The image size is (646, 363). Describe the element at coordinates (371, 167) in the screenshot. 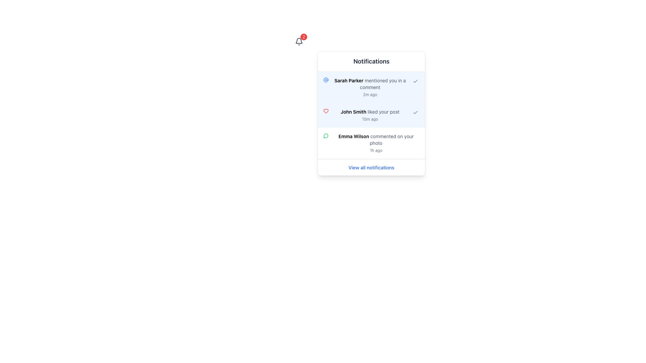

I see `the 'View all notifications' hyperlink located at the bottom of the notification panel, which is styled with a blue font color and underlined on hover` at that location.